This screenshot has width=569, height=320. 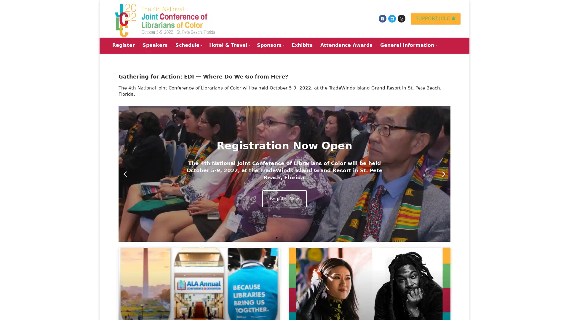 I want to click on Go to slide 1, so click(x=276, y=237).